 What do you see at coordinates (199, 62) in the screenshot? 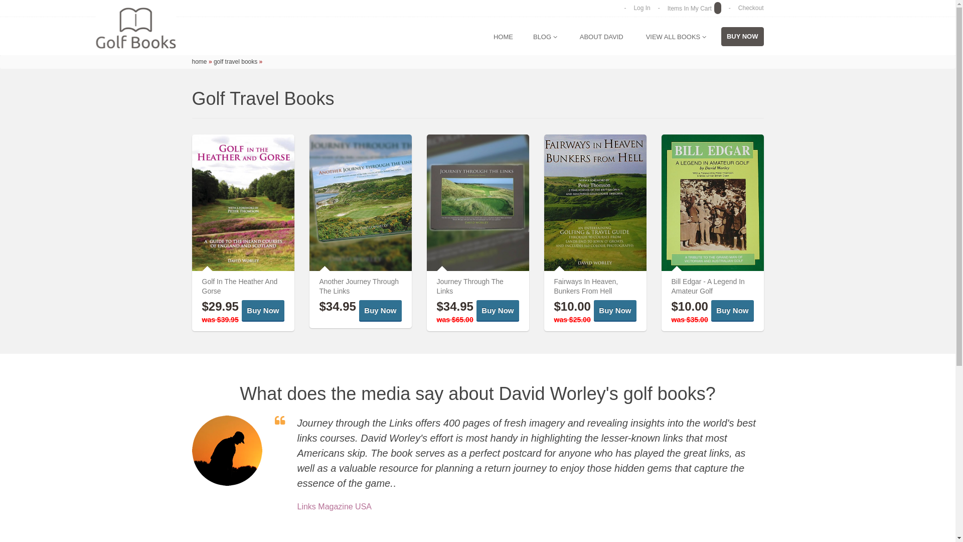
I see `'home'` at bounding box center [199, 62].